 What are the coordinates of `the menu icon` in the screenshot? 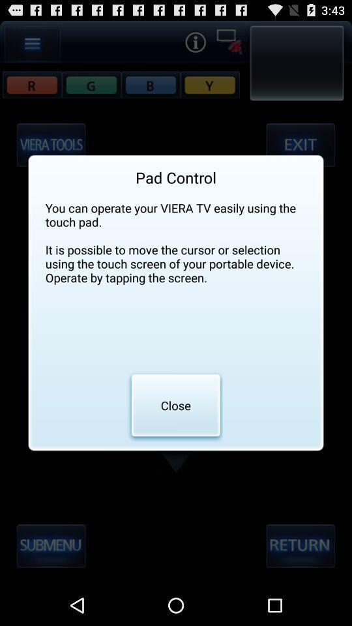 It's located at (33, 46).